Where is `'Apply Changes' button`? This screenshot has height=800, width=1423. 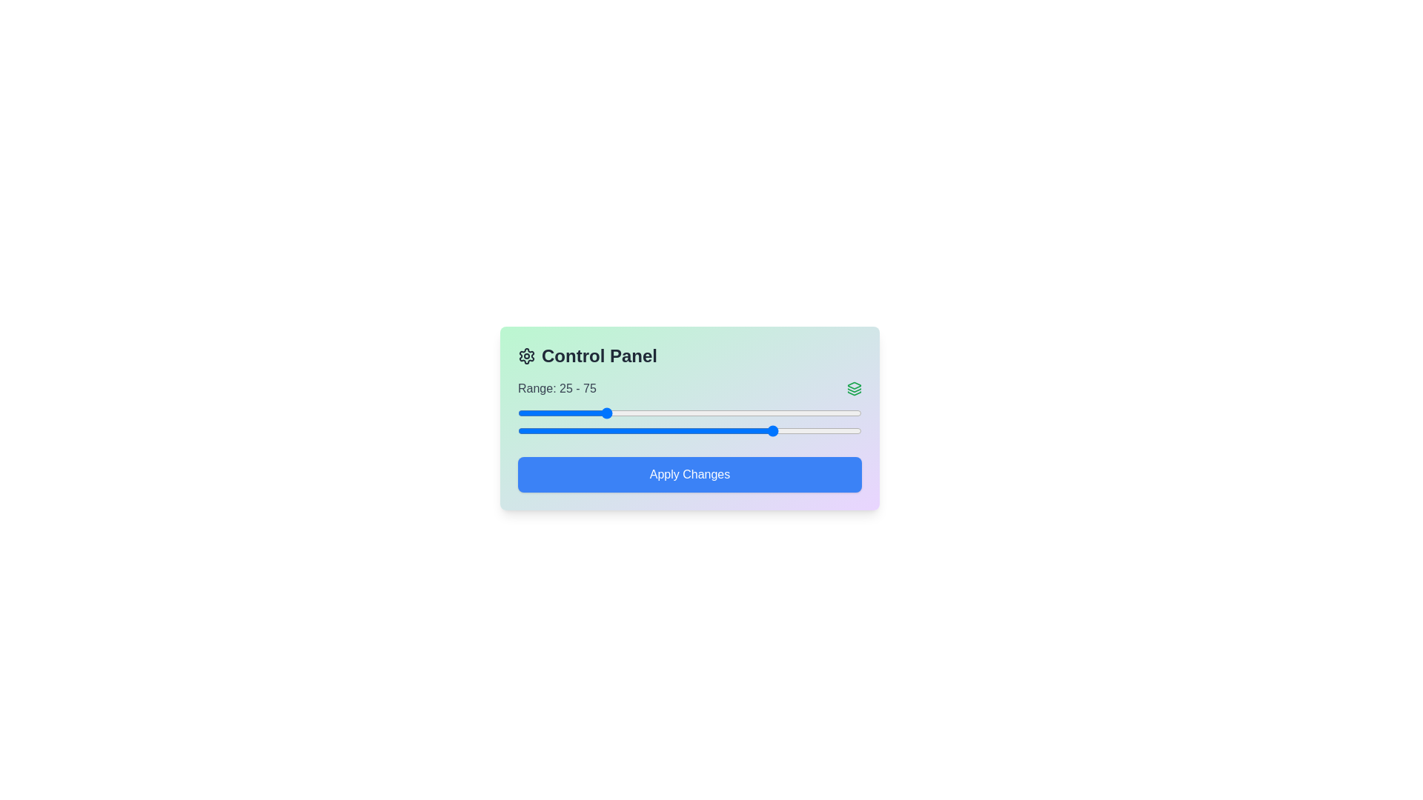
'Apply Changes' button is located at coordinates (689, 474).